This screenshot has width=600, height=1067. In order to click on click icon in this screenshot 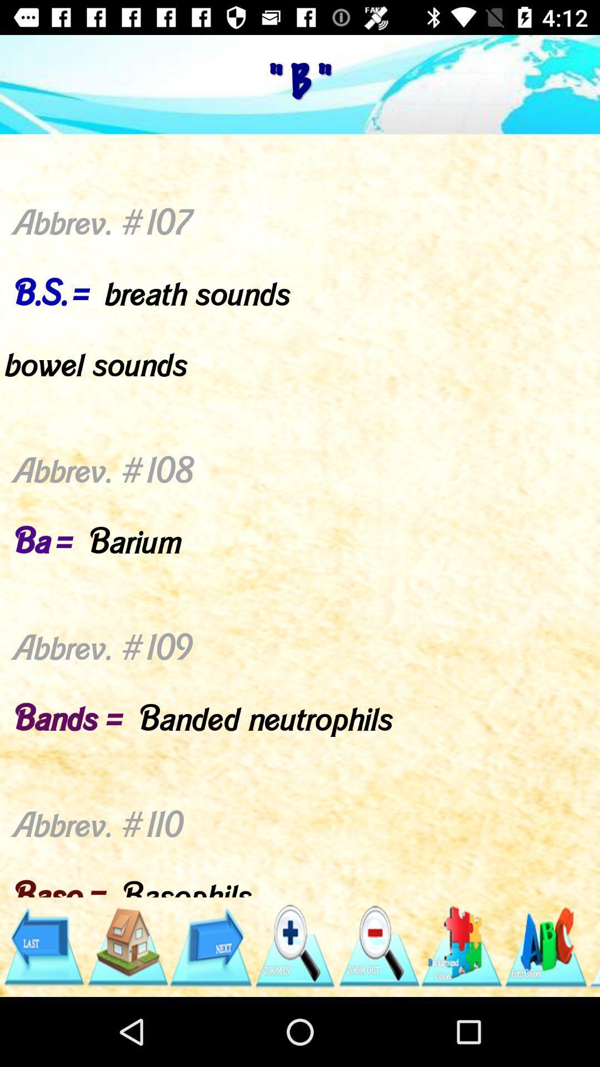, I will do `click(294, 946)`.